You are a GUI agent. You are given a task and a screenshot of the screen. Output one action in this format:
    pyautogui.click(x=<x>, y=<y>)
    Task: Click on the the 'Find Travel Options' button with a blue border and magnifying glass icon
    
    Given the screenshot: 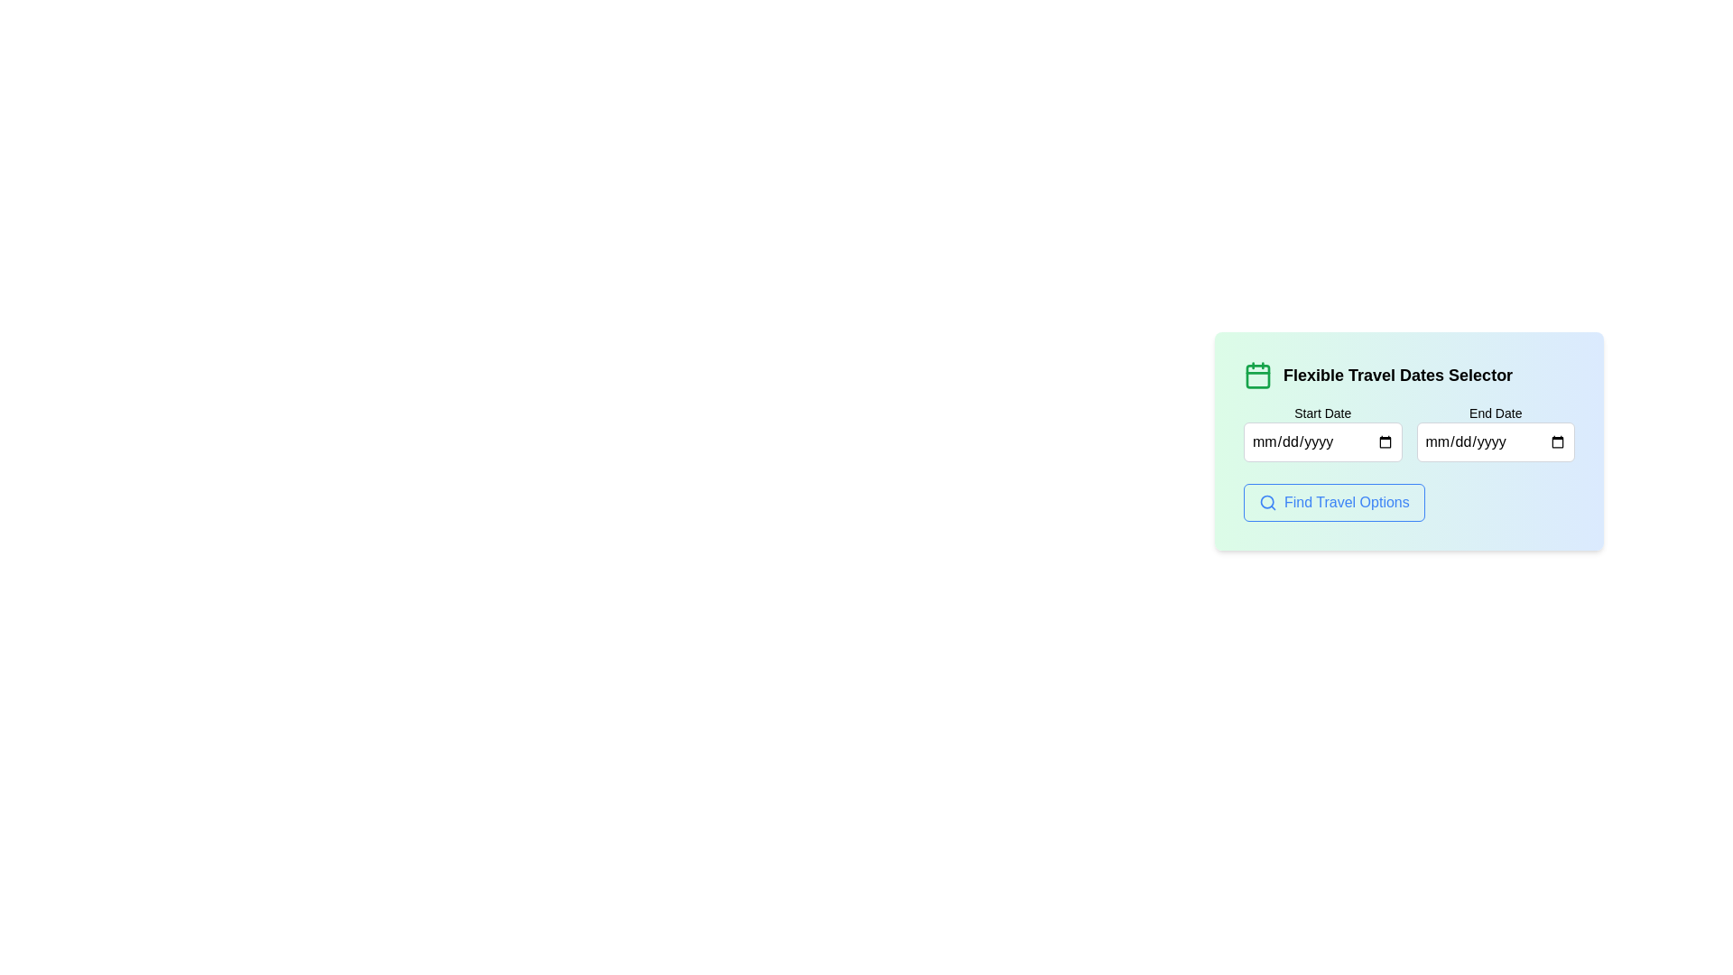 What is the action you would take?
    pyautogui.click(x=1334, y=502)
    